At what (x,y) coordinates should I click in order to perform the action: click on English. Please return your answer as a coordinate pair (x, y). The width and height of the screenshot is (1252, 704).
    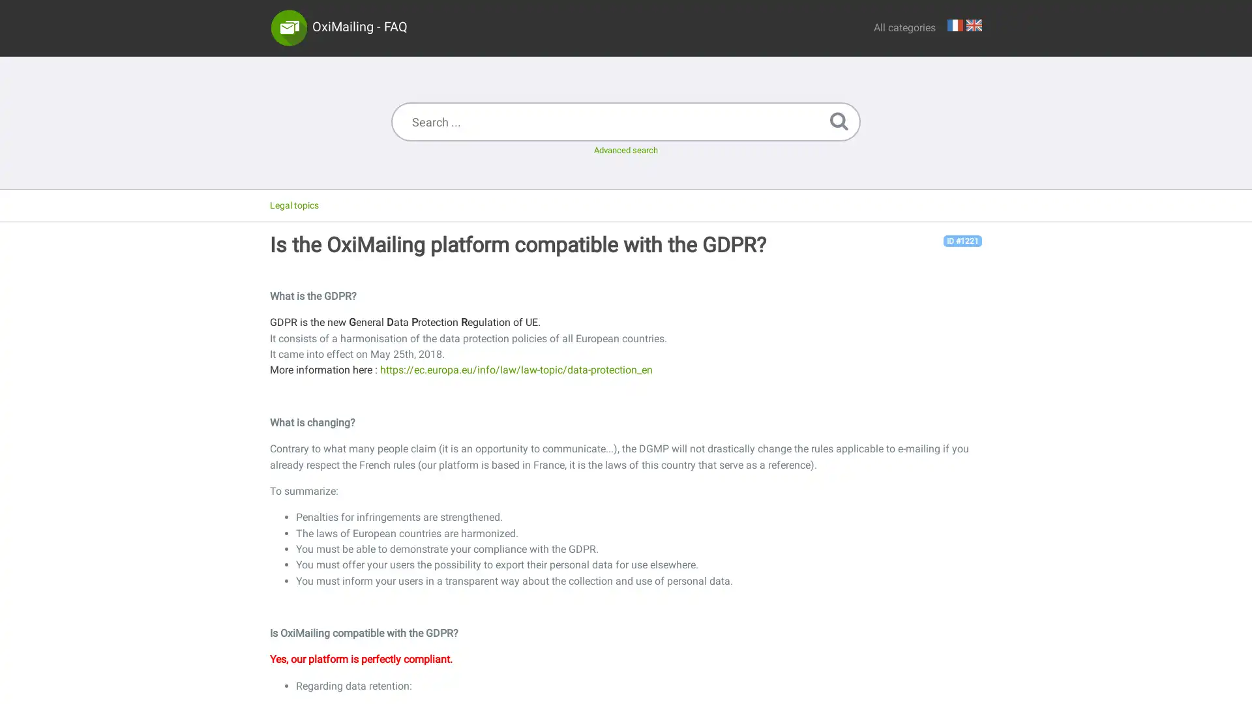
    Looking at the image, I should click on (974, 25).